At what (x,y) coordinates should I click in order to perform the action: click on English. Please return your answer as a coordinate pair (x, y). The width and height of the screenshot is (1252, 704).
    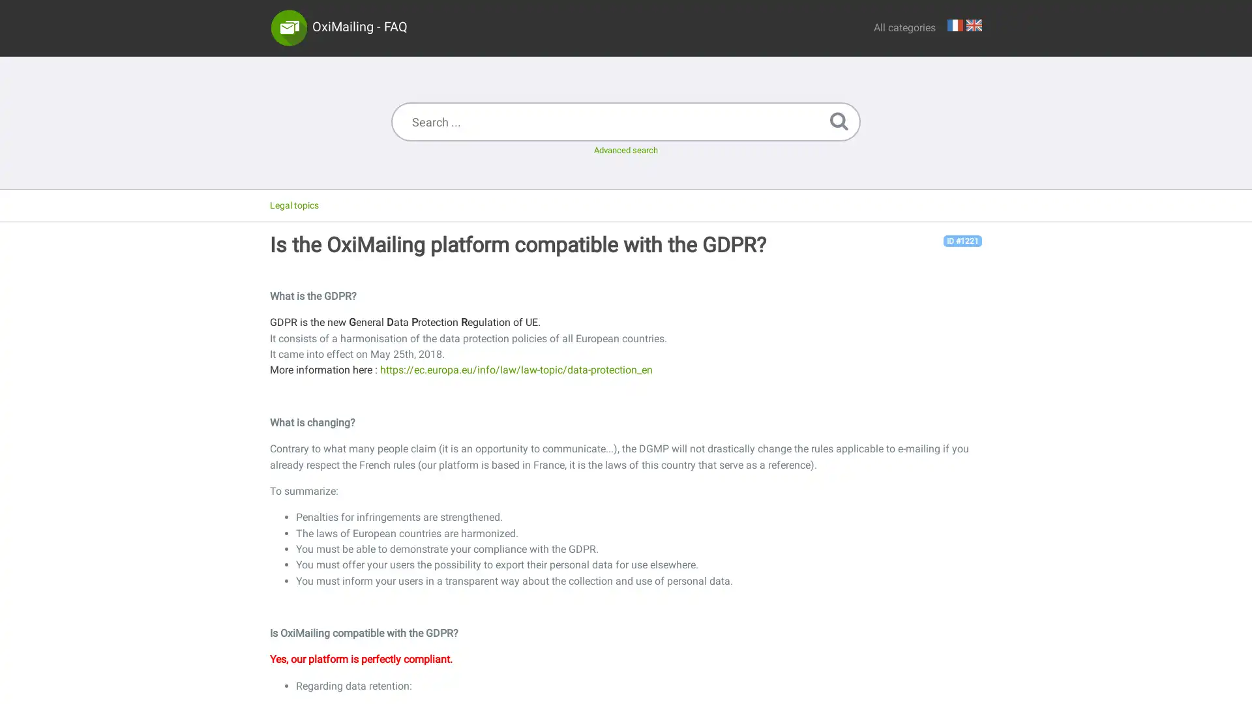
    Looking at the image, I should click on (974, 25).